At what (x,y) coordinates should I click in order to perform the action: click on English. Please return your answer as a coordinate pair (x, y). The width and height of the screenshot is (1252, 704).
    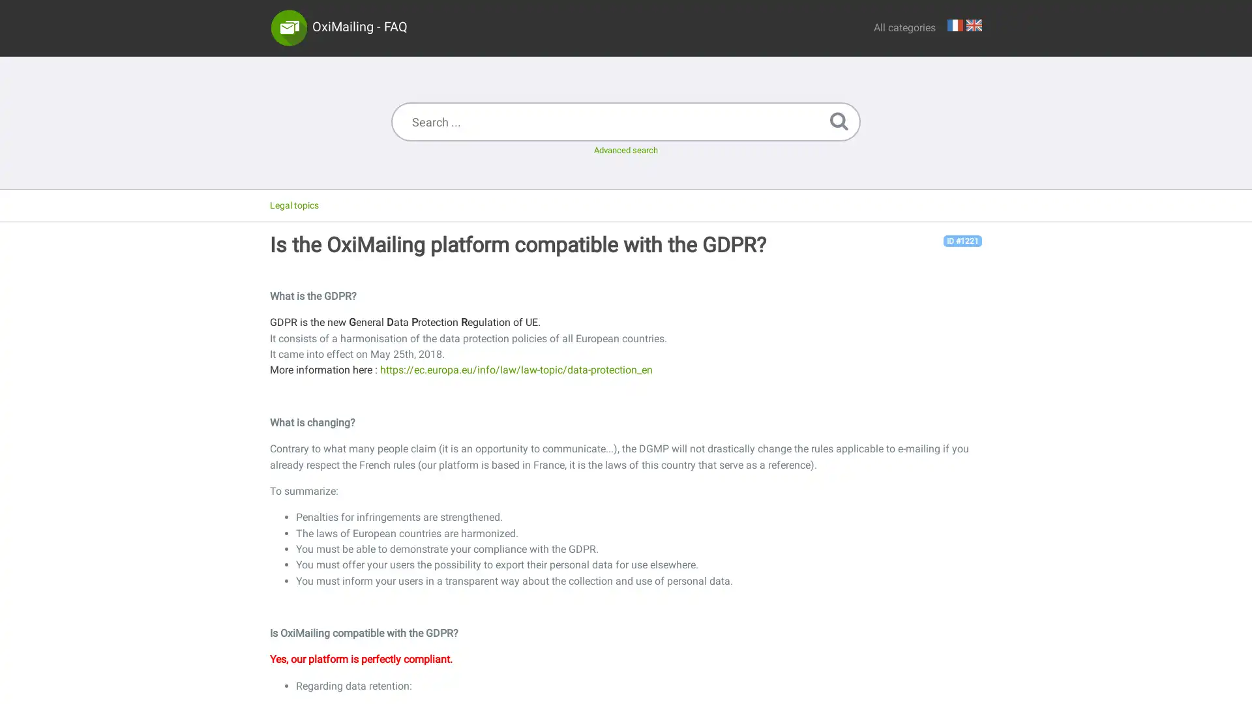
    Looking at the image, I should click on (974, 25).